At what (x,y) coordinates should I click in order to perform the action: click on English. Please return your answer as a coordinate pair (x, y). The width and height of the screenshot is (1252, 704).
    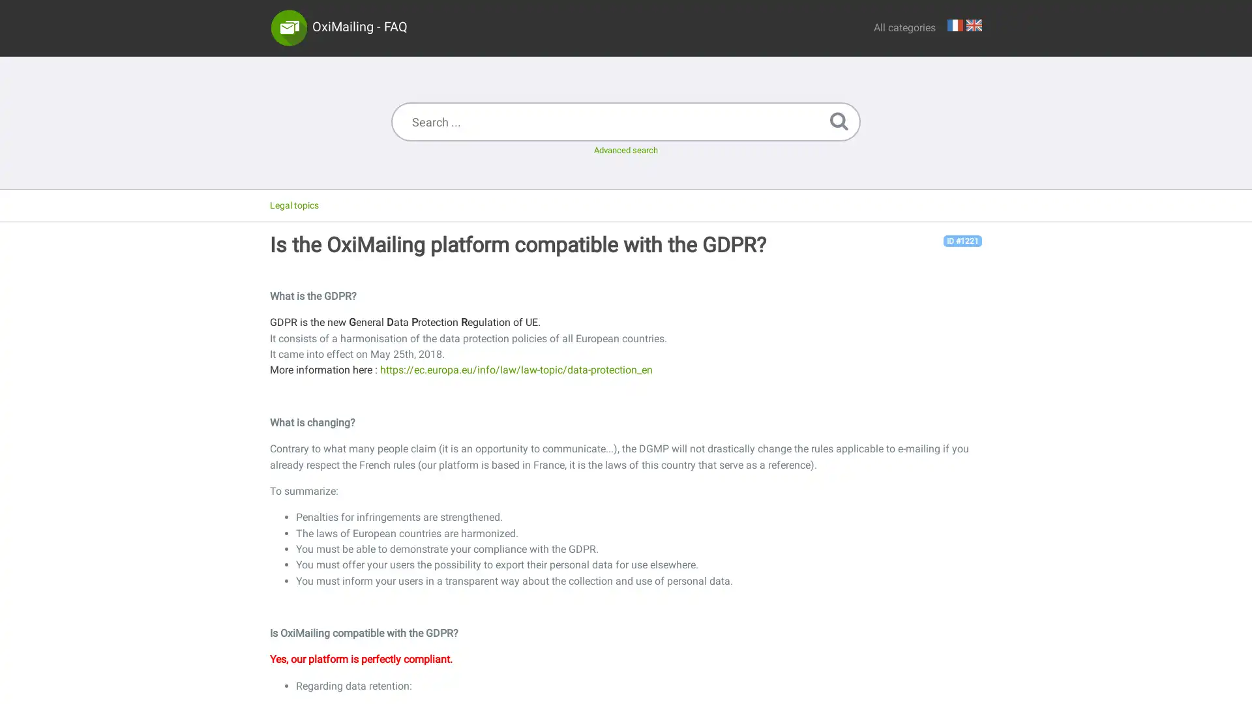
    Looking at the image, I should click on (974, 25).